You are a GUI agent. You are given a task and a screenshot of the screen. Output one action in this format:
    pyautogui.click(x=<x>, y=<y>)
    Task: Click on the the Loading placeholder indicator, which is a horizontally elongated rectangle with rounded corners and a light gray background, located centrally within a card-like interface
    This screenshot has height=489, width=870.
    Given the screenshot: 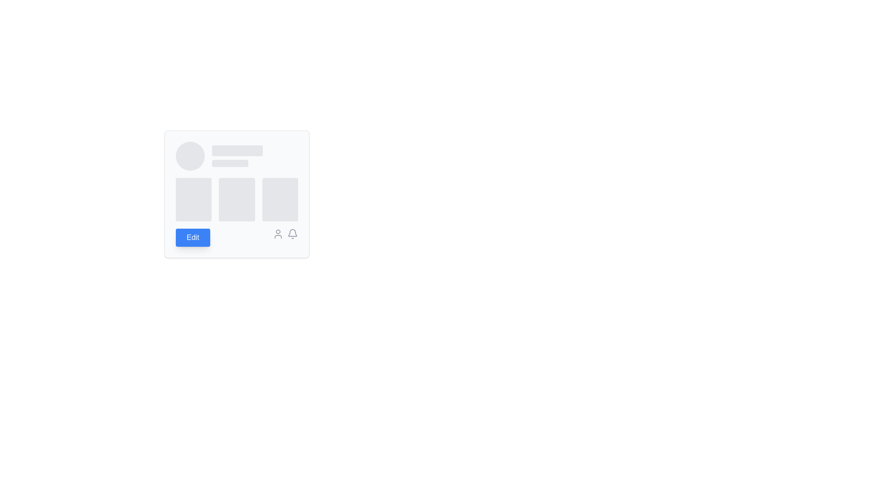 What is the action you would take?
    pyautogui.click(x=237, y=150)
    